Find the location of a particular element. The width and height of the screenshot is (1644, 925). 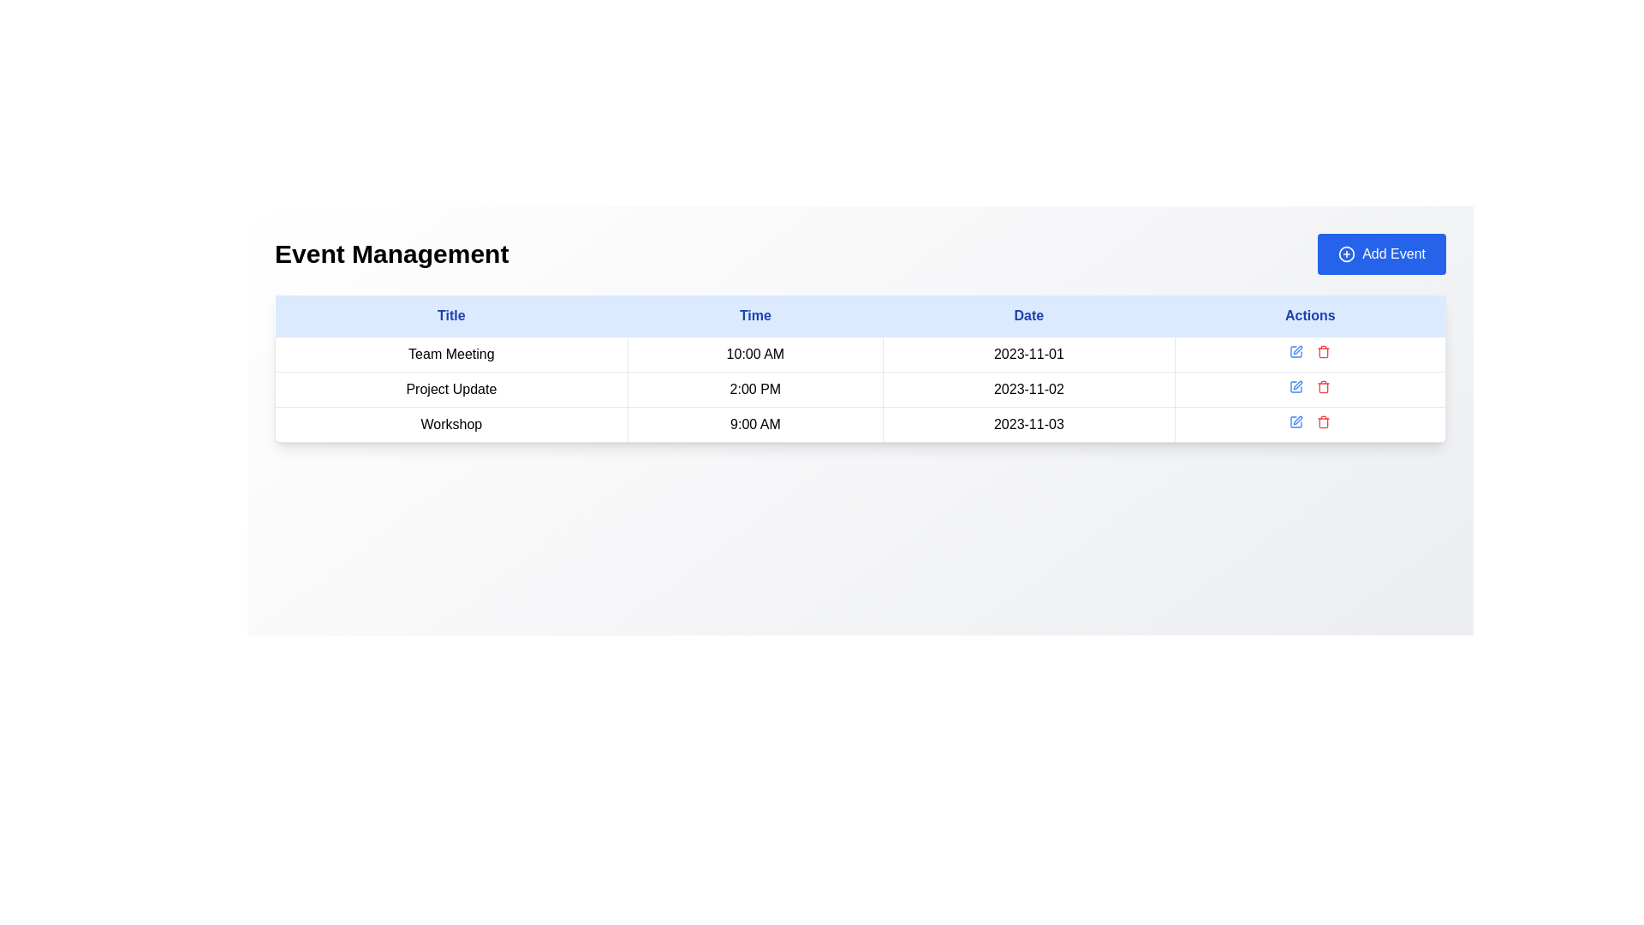

the interactive edit button, represented by a pen-like SVG icon, located in the 'Actions' column of the second row in the table is located at coordinates (1298, 385).